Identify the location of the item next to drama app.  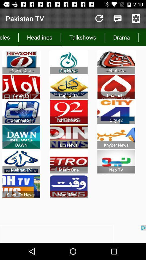
(142, 37).